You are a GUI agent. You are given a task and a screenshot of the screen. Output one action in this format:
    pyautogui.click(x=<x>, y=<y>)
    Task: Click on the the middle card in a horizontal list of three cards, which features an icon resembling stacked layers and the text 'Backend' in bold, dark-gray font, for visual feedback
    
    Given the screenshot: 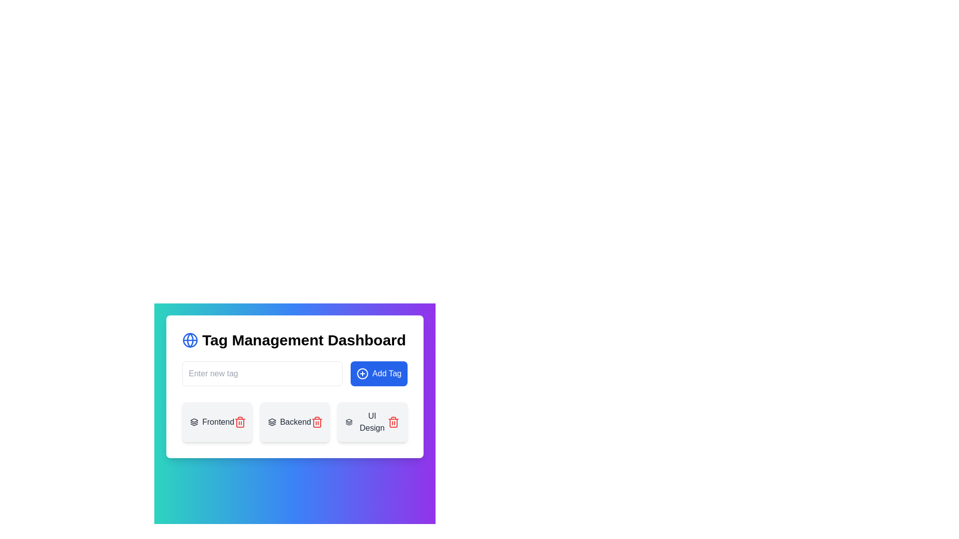 What is the action you would take?
    pyautogui.click(x=294, y=422)
    